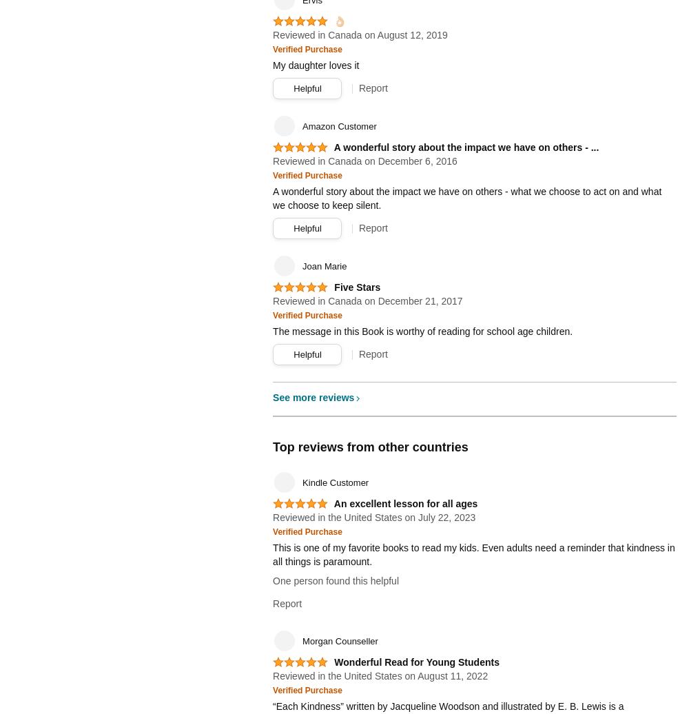  Describe the element at coordinates (273, 580) in the screenshot. I see `'One person found this helpful'` at that location.